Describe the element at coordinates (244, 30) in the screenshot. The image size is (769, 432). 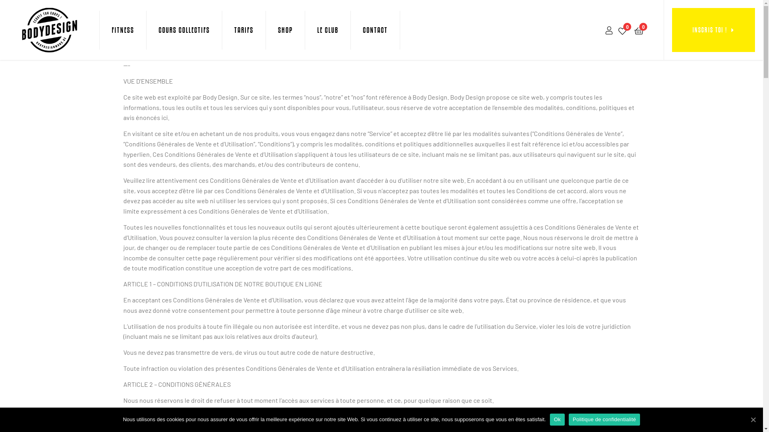
I see `'TARIFS'` at that location.